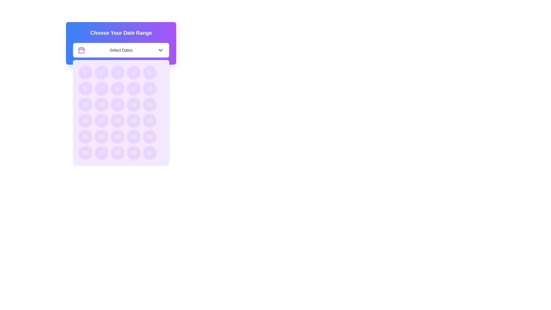 The image size is (551, 310). What do you see at coordinates (85, 120) in the screenshot?
I see `the button representing the date 16 in the calendar grid located in the fourth row and first column of the dropdown modal labeled 'Choose Your Date Range'` at bounding box center [85, 120].